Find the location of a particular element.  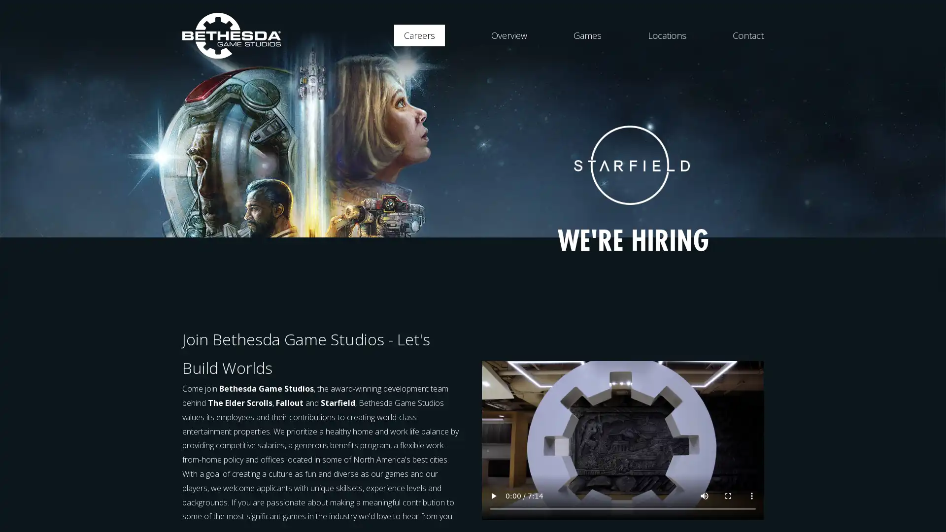

play is located at coordinates (494, 496).